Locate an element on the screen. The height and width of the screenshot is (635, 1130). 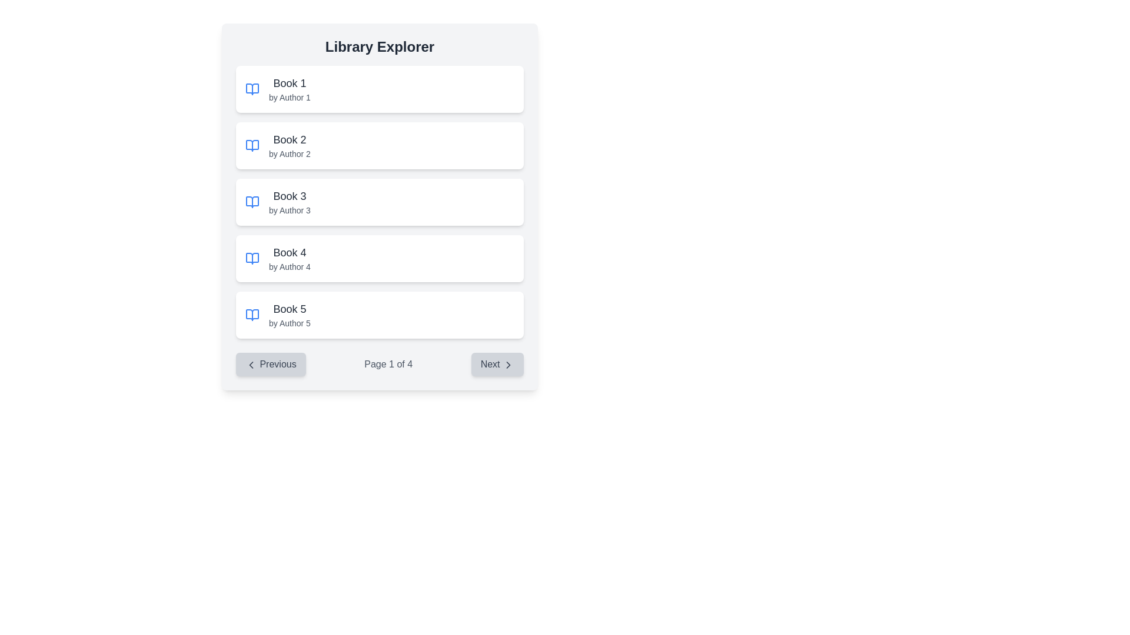
the fourth list item displaying the book title 'Book 4' and author 'by Author 4' is located at coordinates (380, 258).